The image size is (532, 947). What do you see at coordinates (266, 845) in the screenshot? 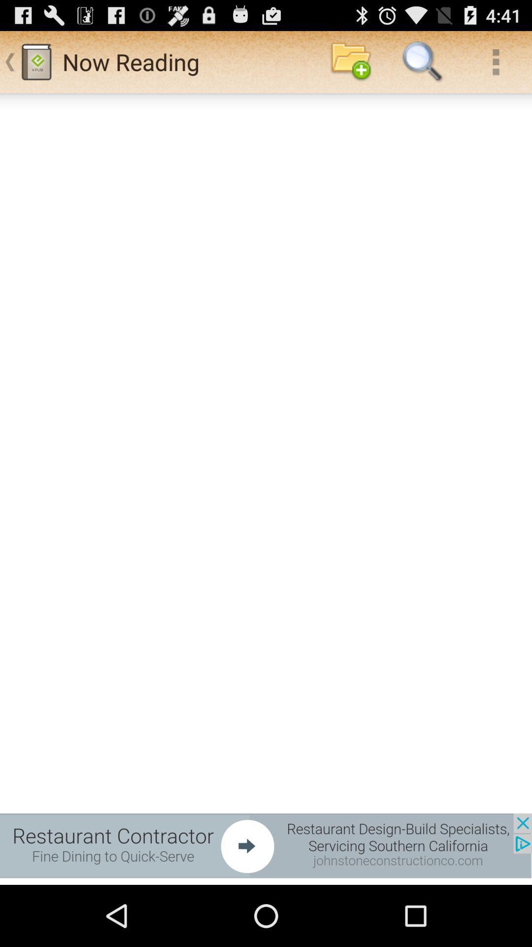
I see `banner` at bounding box center [266, 845].